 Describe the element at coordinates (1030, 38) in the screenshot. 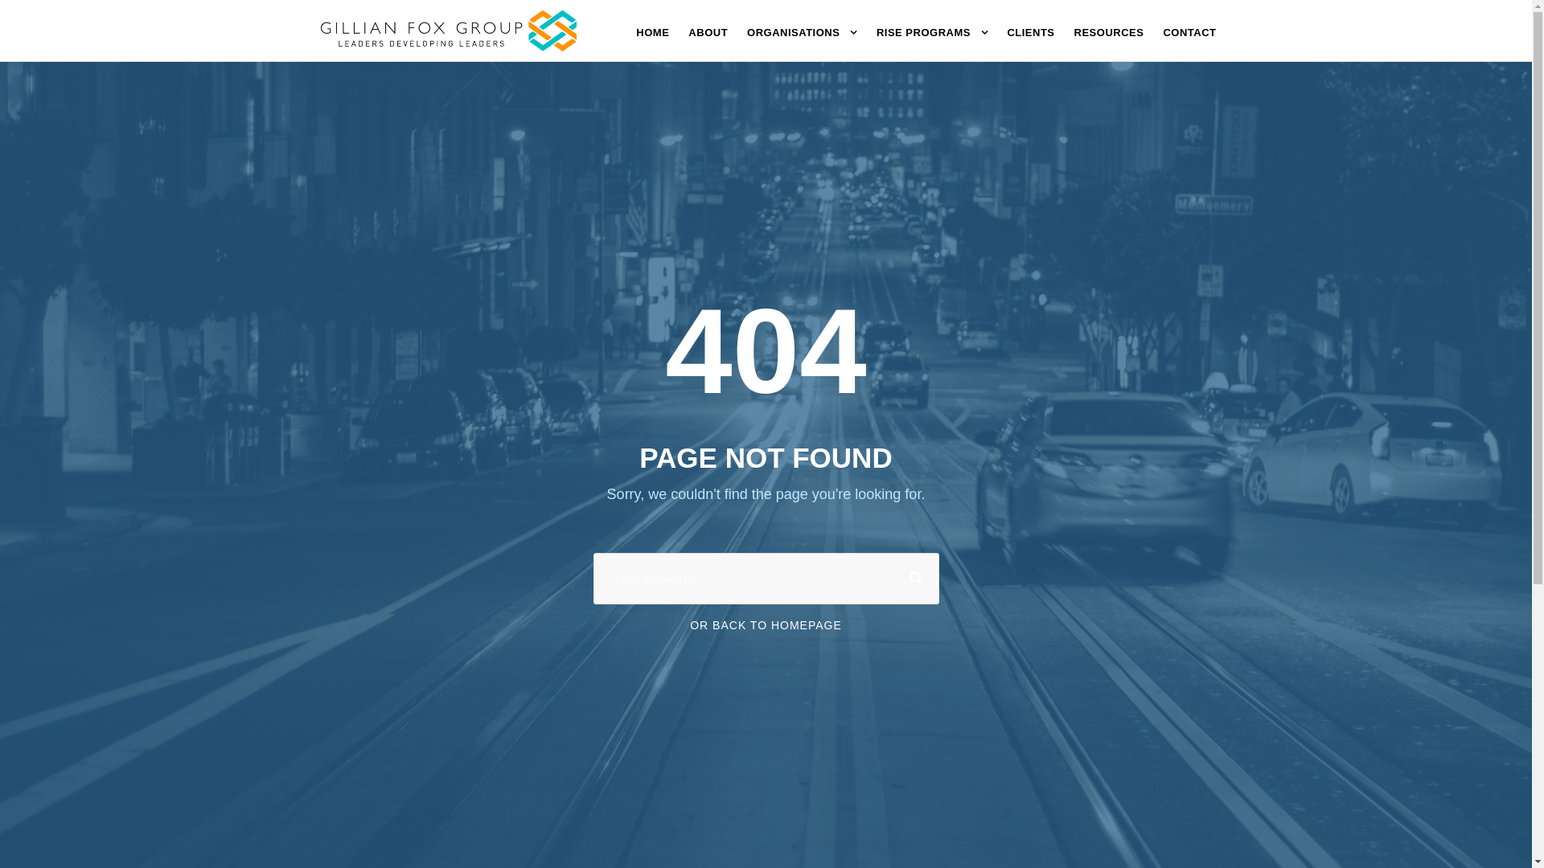

I see `'CLIENTS'` at that location.